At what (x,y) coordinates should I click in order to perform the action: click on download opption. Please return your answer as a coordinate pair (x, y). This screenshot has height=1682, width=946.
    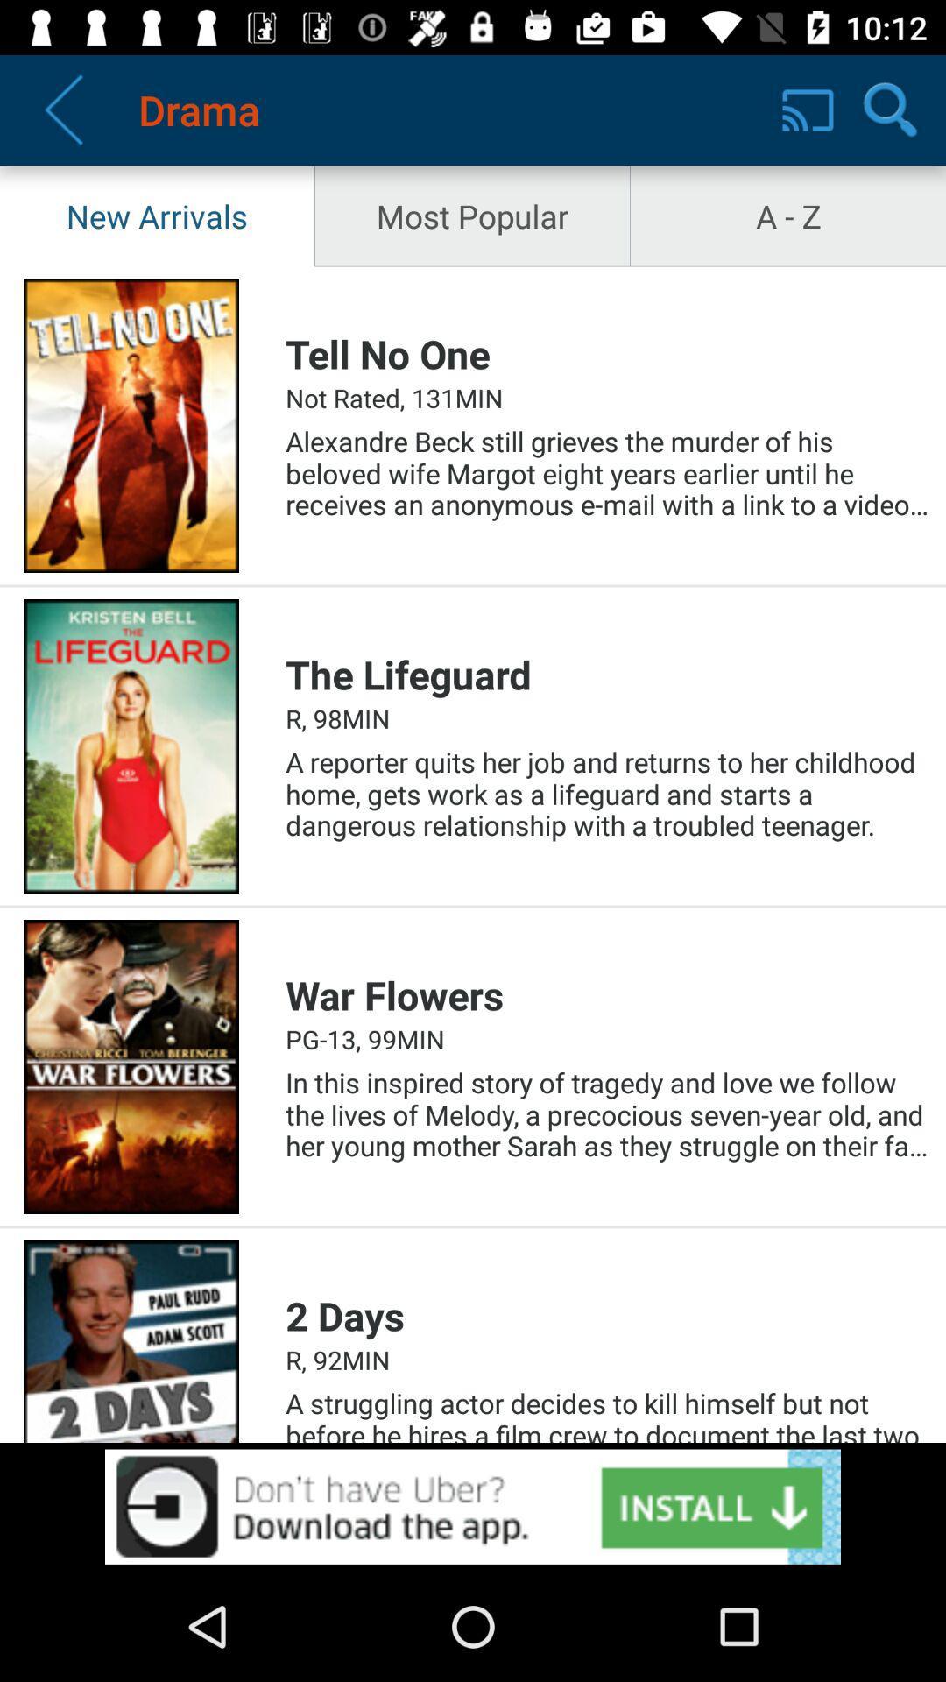
    Looking at the image, I should click on (473, 1506).